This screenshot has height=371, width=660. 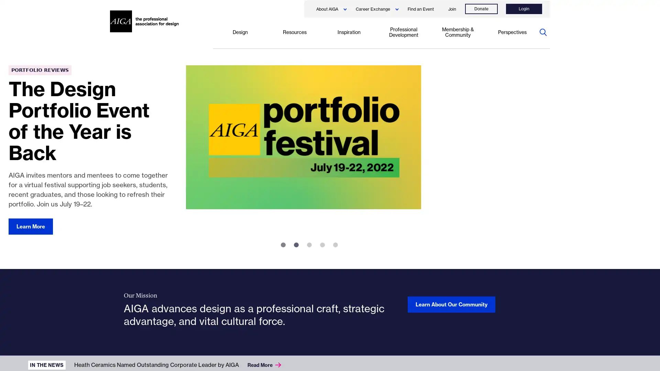 What do you see at coordinates (322, 245) in the screenshot?
I see `4 of 5` at bounding box center [322, 245].